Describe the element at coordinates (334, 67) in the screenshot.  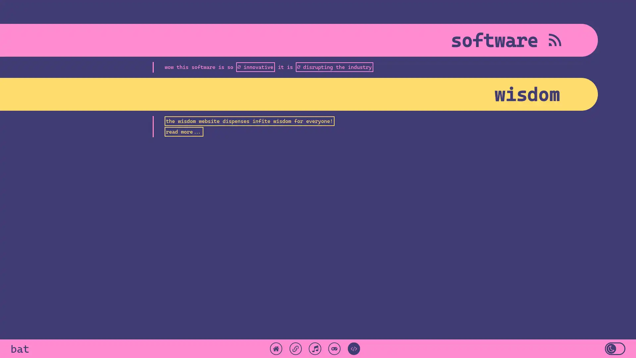
I see `disrupting the industry` at that location.